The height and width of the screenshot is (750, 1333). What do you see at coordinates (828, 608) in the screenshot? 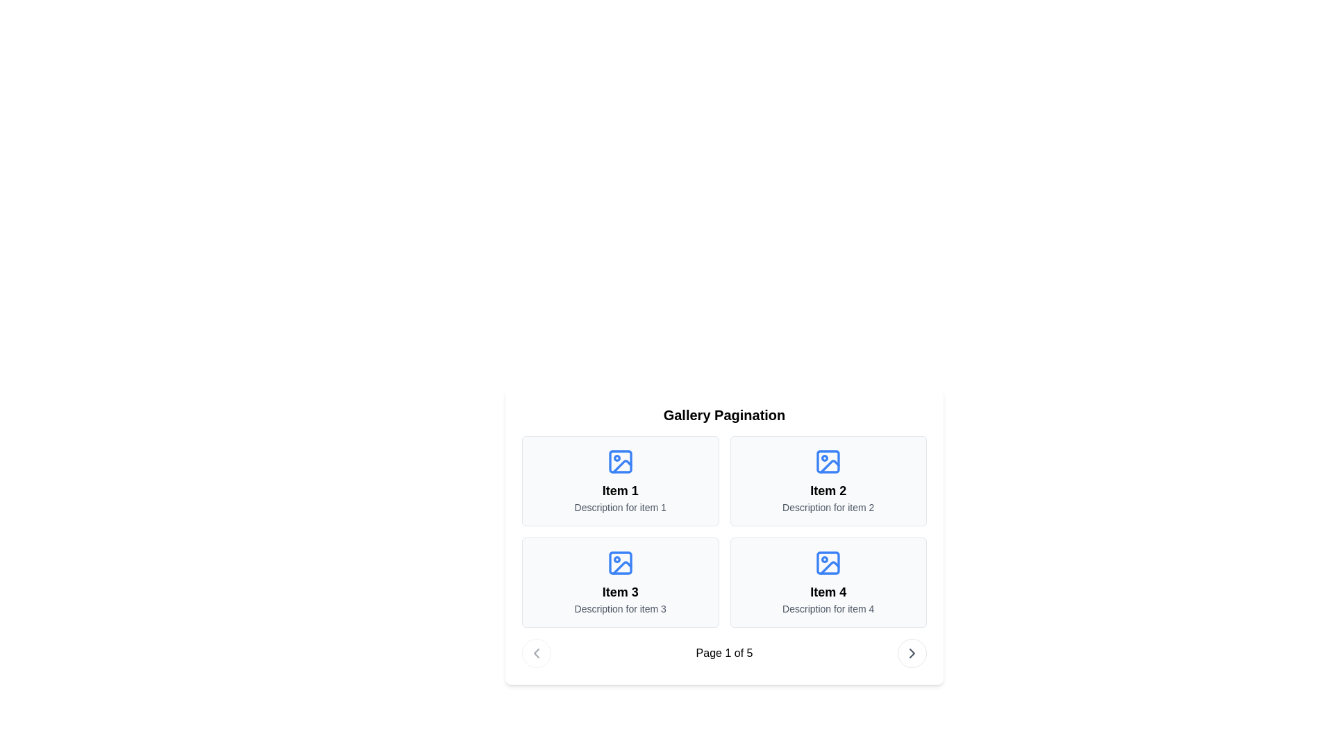
I see `descriptive text located directly beneath the title text 'Item 4' in the fourth grid item of the layout` at bounding box center [828, 608].